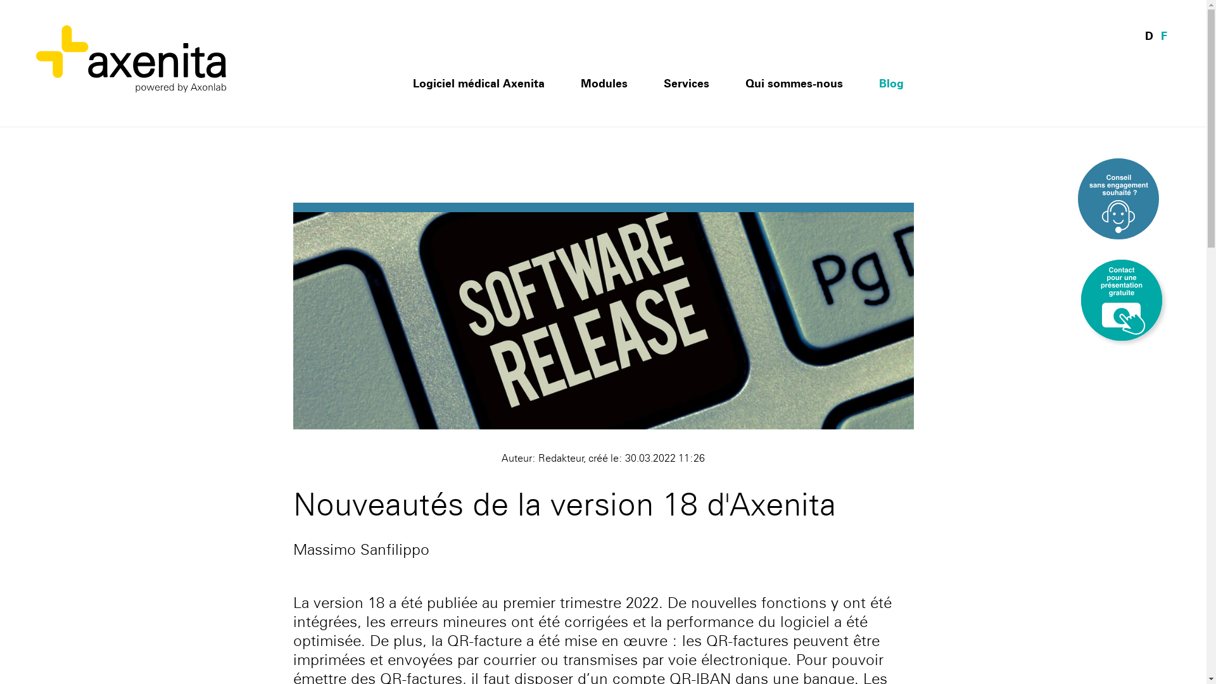 The width and height of the screenshot is (1216, 684). What do you see at coordinates (1149, 35) in the screenshot?
I see `'D'` at bounding box center [1149, 35].